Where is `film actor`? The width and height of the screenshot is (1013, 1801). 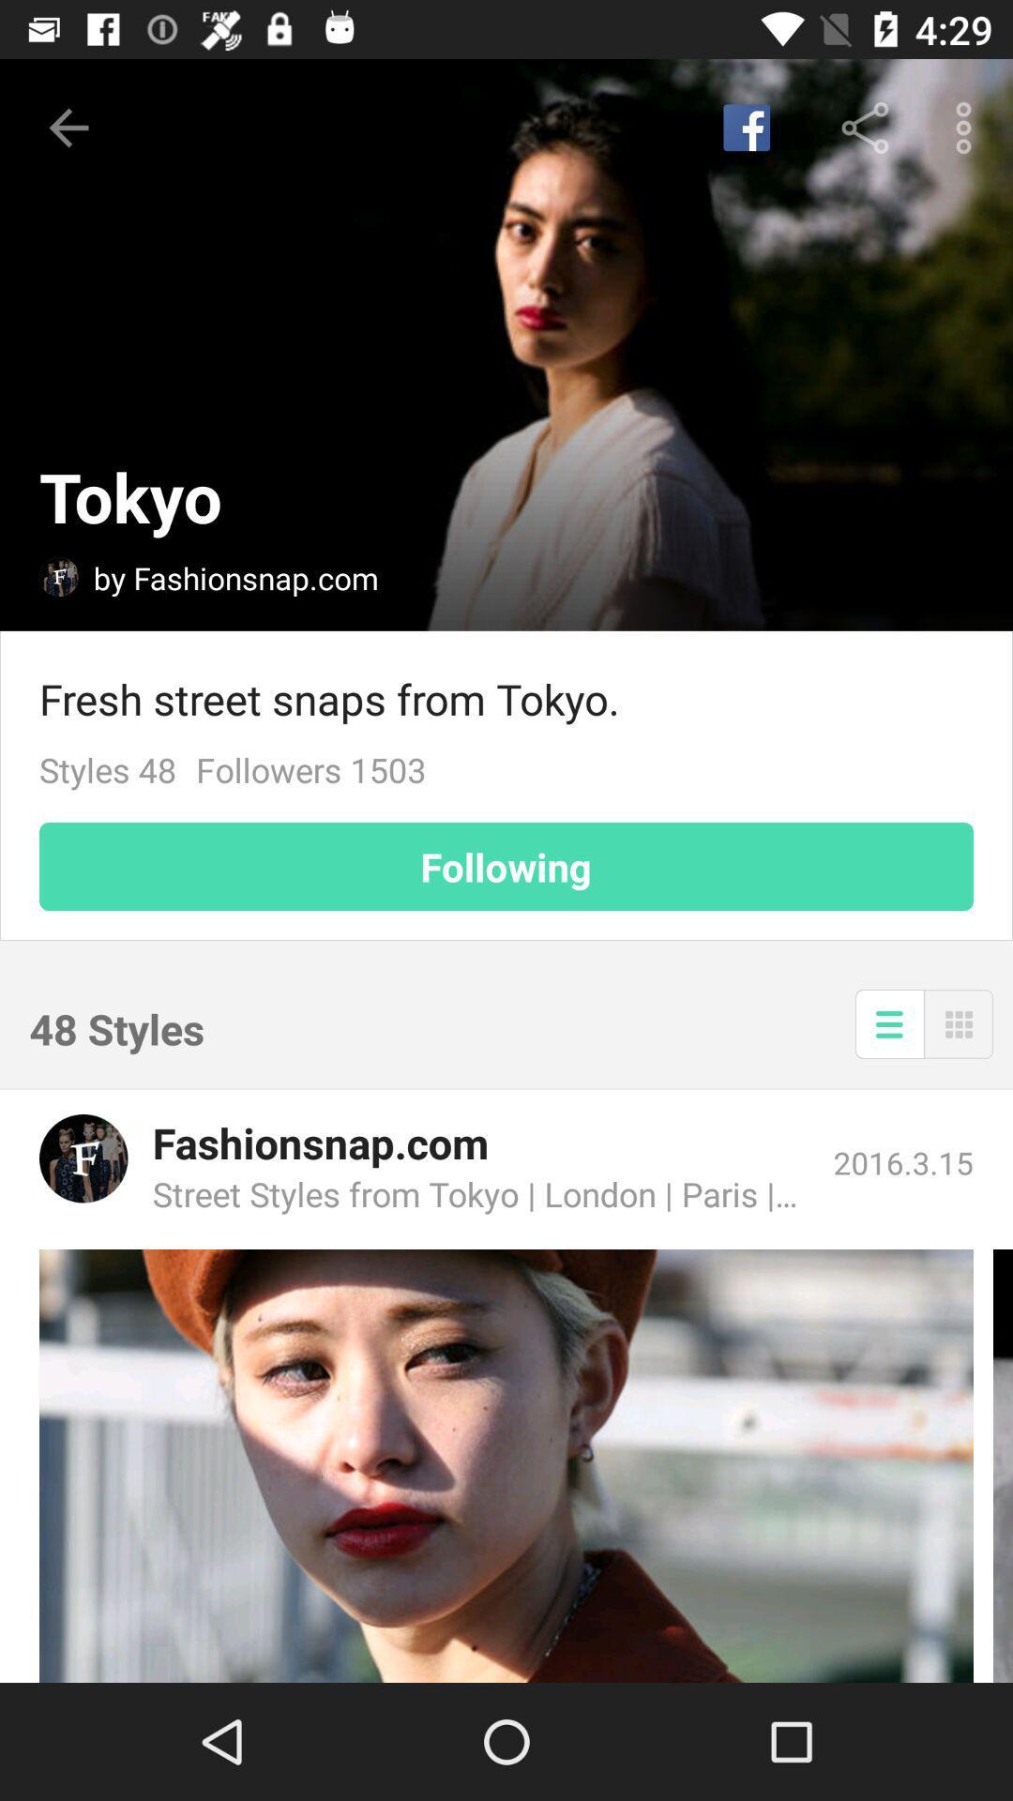
film actor is located at coordinates (506, 1465).